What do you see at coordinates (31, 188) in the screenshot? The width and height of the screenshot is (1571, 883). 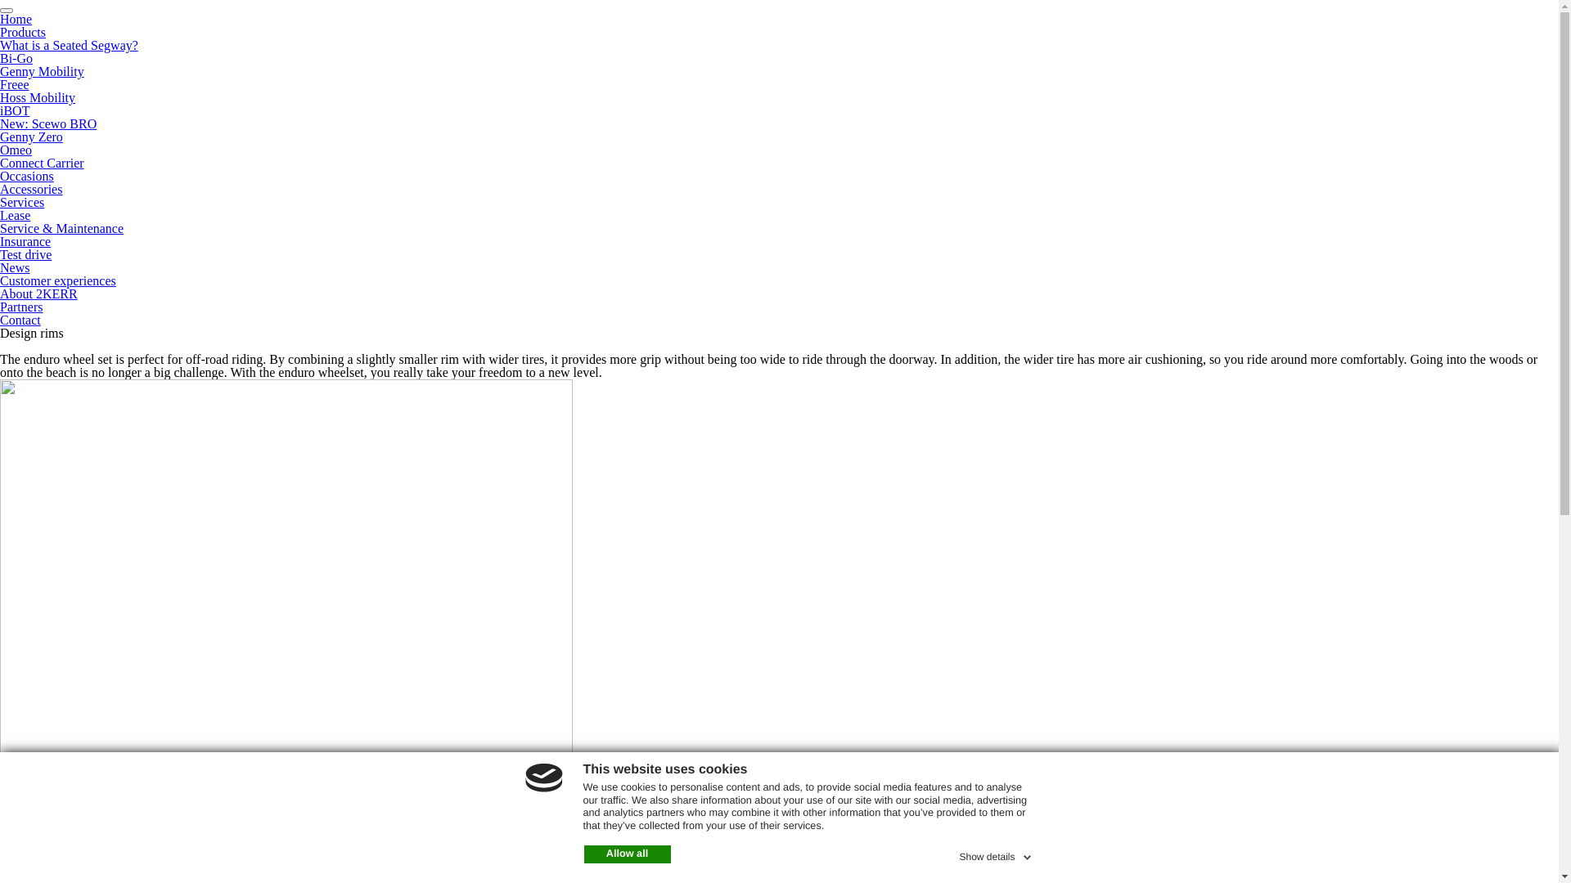 I see `'Accessories'` at bounding box center [31, 188].